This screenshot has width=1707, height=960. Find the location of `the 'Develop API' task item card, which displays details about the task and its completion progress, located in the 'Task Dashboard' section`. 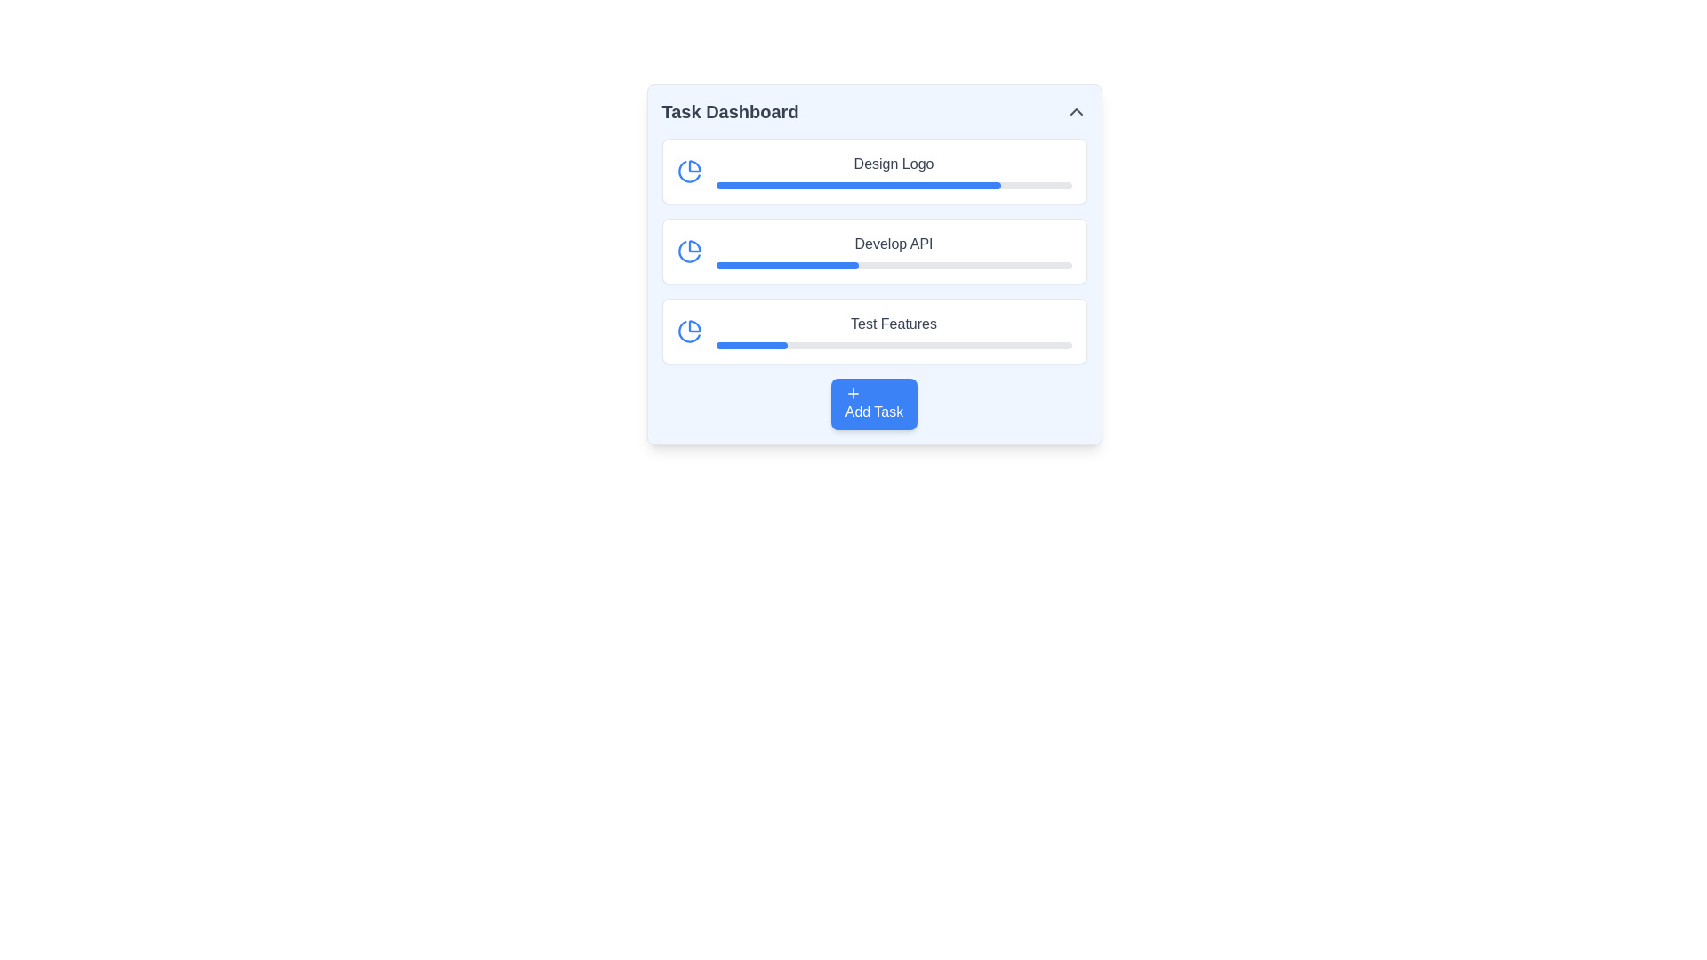

the 'Develop API' task item card, which displays details about the task and its completion progress, located in the 'Task Dashboard' section is located at coordinates (874, 251).